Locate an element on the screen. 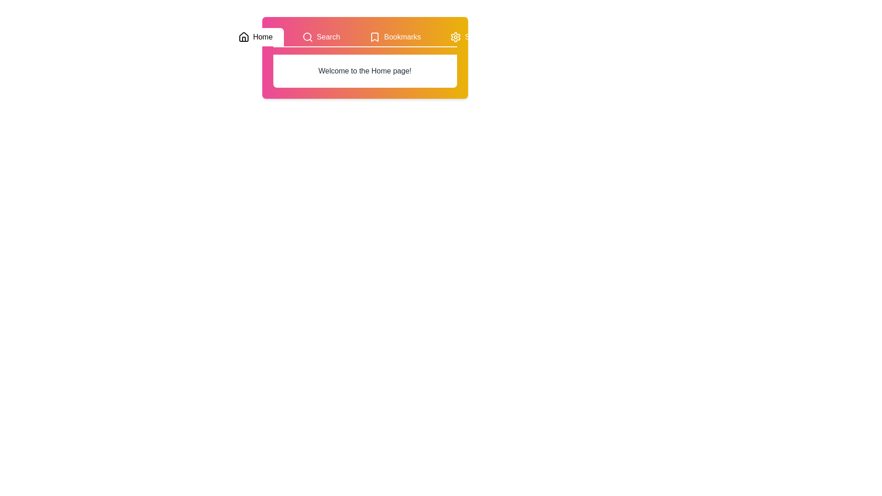 This screenshot has height=496, width=882. the tab labeled Search to preview its highlight effect is located at coordinates (321, 37).